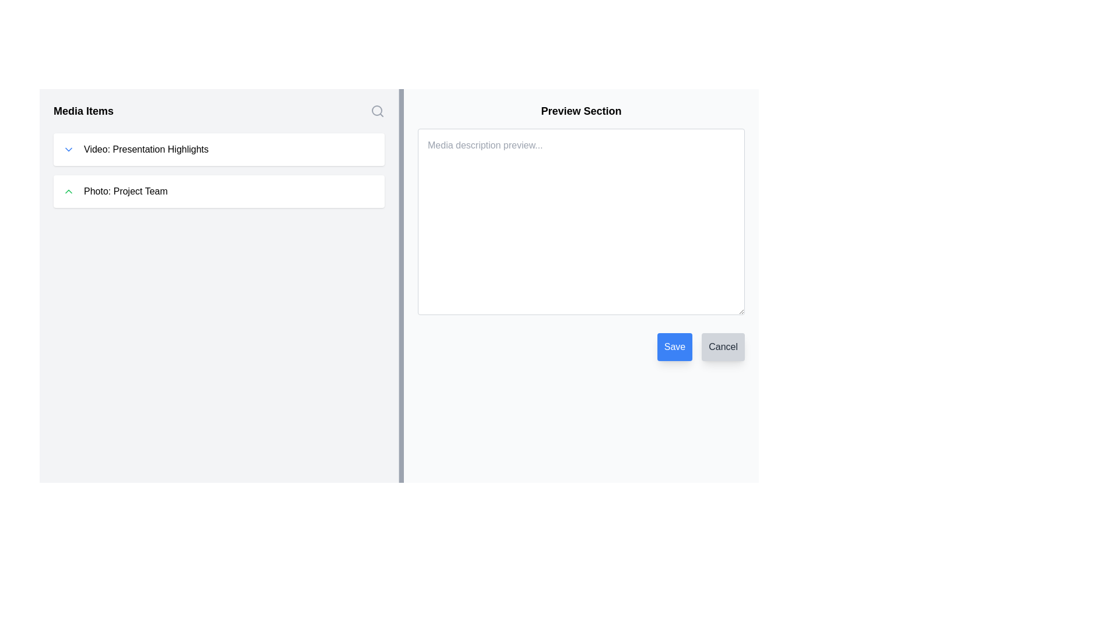 Image resolution: width=1119 pixels, height=629 pixels. I want to click on the chevron-up icon that indicates an expandable or collapsible feature within the 'Photo: Project Team' section, so click(68, 190).